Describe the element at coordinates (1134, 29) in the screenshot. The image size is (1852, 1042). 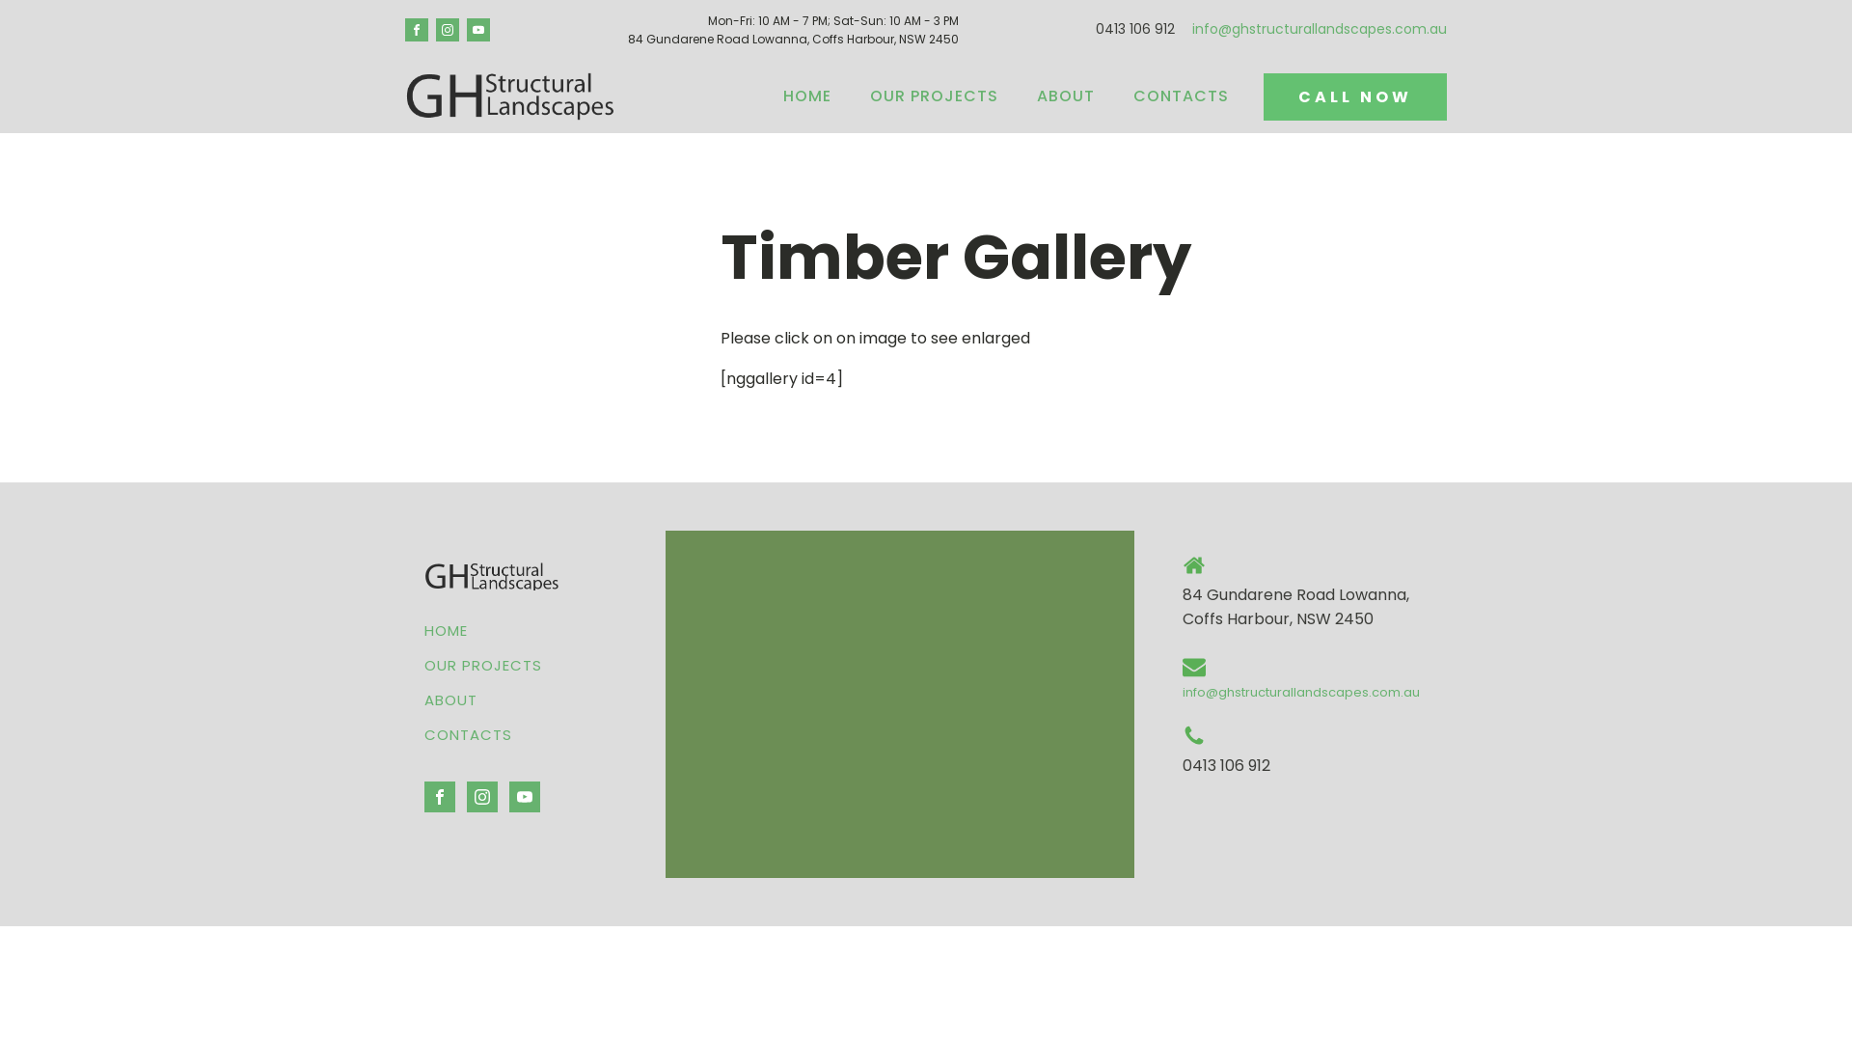
I see `'0413 106 912'` at that location.